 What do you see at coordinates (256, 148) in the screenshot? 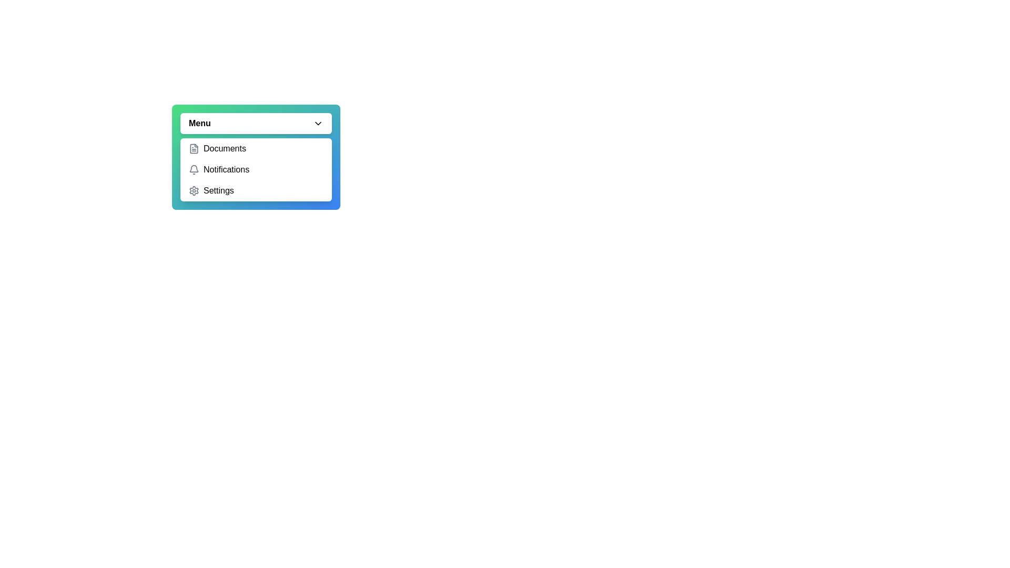
I see `the clickable list item labeled 'Documents' in the dropdown menu` at bounding box center [256, 148].